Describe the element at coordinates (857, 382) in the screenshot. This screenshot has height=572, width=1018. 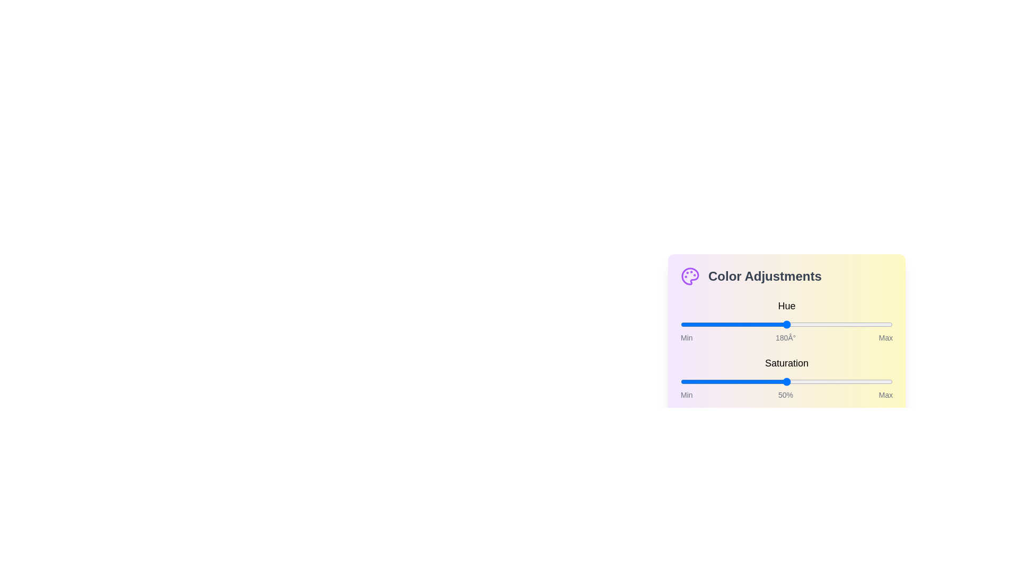
I see `the saturation slider to 83` at that location.